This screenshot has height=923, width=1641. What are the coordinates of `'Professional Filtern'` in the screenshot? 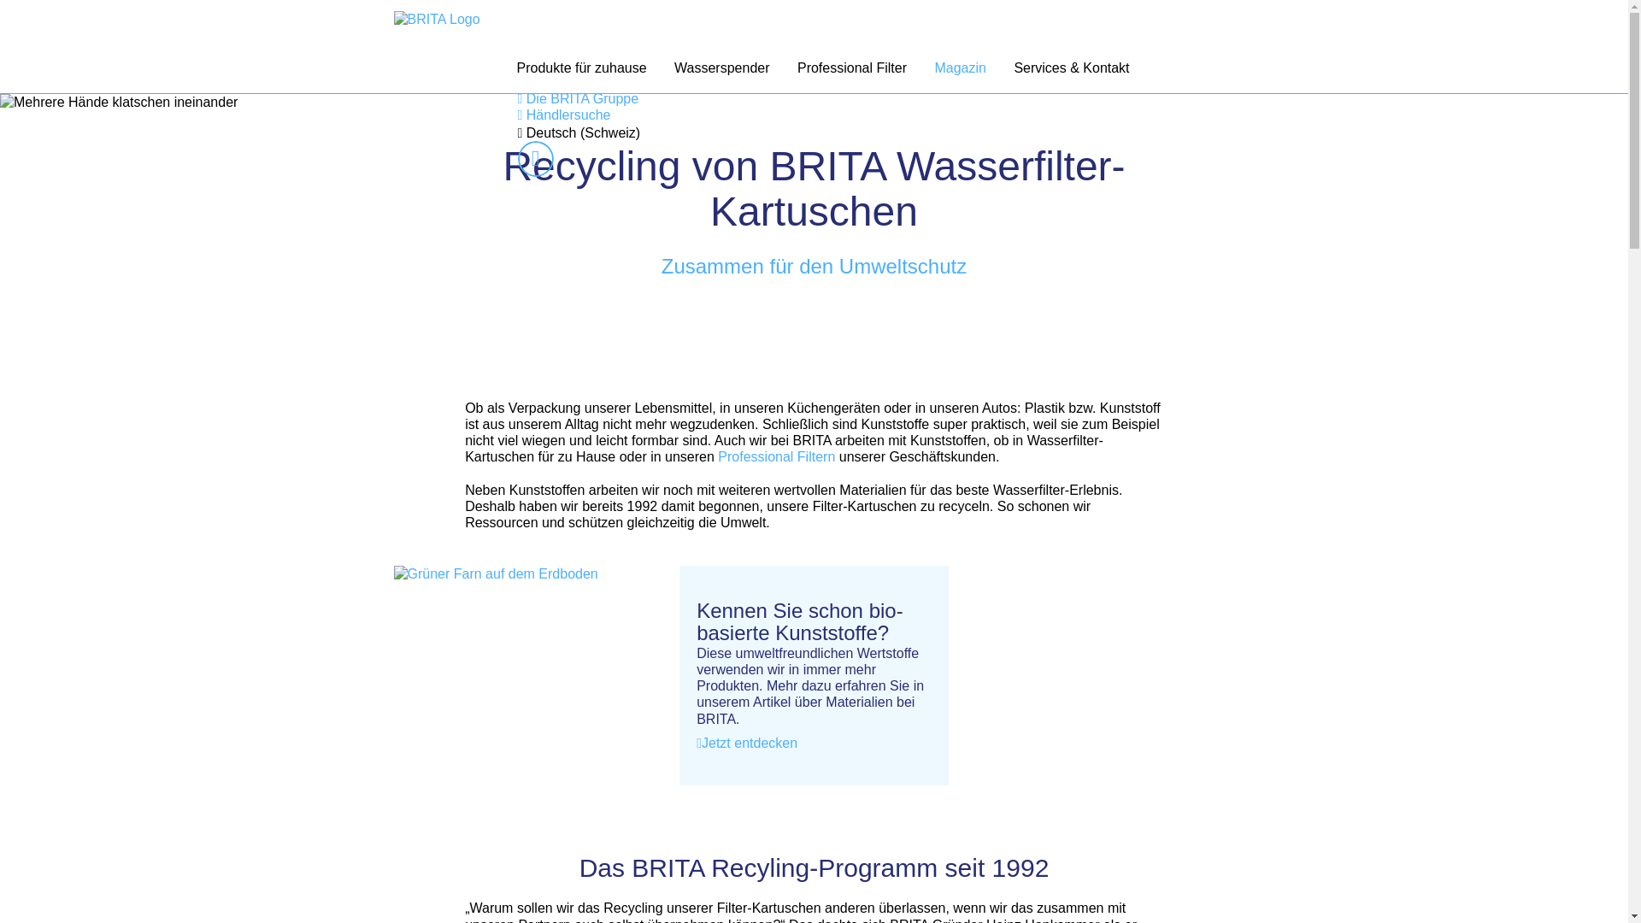 It's located at (716, 456).